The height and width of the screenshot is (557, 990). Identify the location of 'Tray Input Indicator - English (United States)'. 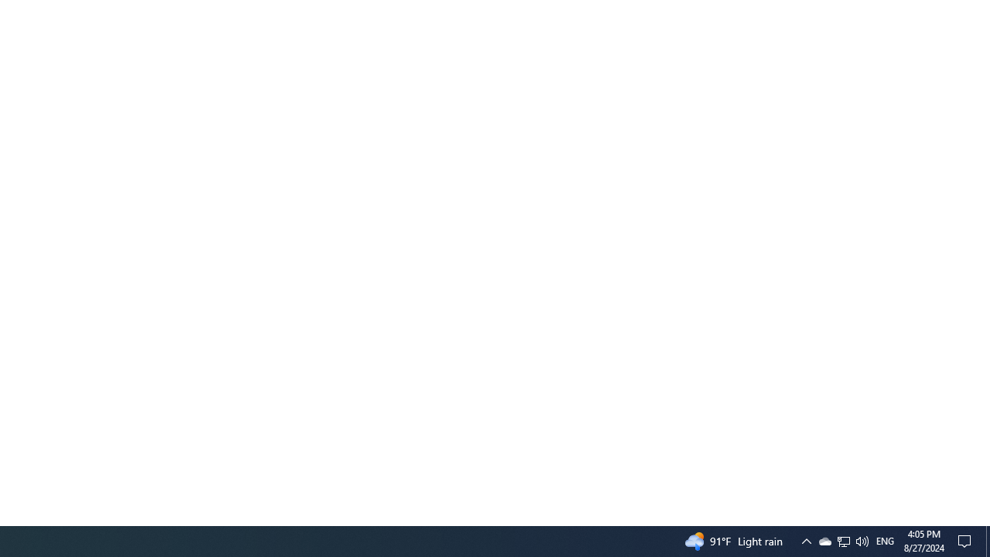
(861, 540).